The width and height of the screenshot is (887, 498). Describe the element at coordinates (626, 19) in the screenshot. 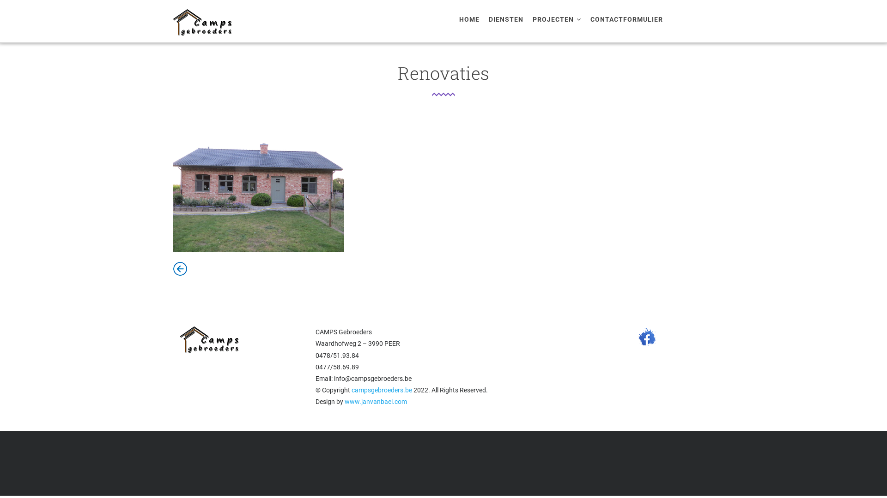

I see `'CONTACTFORMULIER'` at that location.